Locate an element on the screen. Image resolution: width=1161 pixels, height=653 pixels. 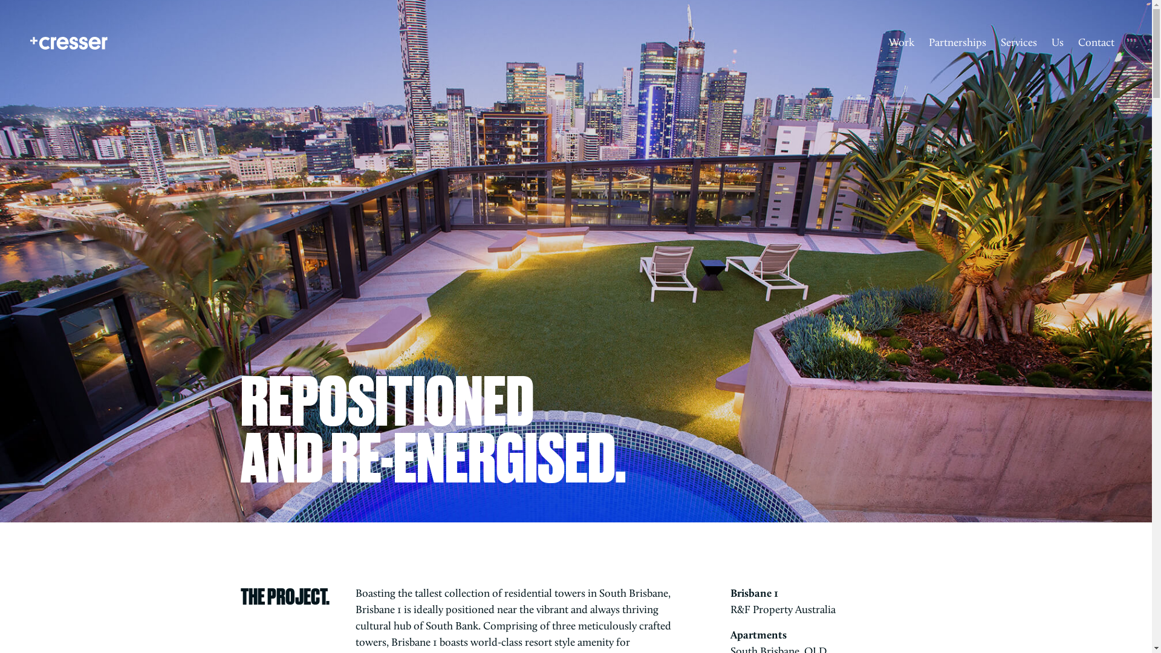
'Work' is located at coordinates (882, 42).